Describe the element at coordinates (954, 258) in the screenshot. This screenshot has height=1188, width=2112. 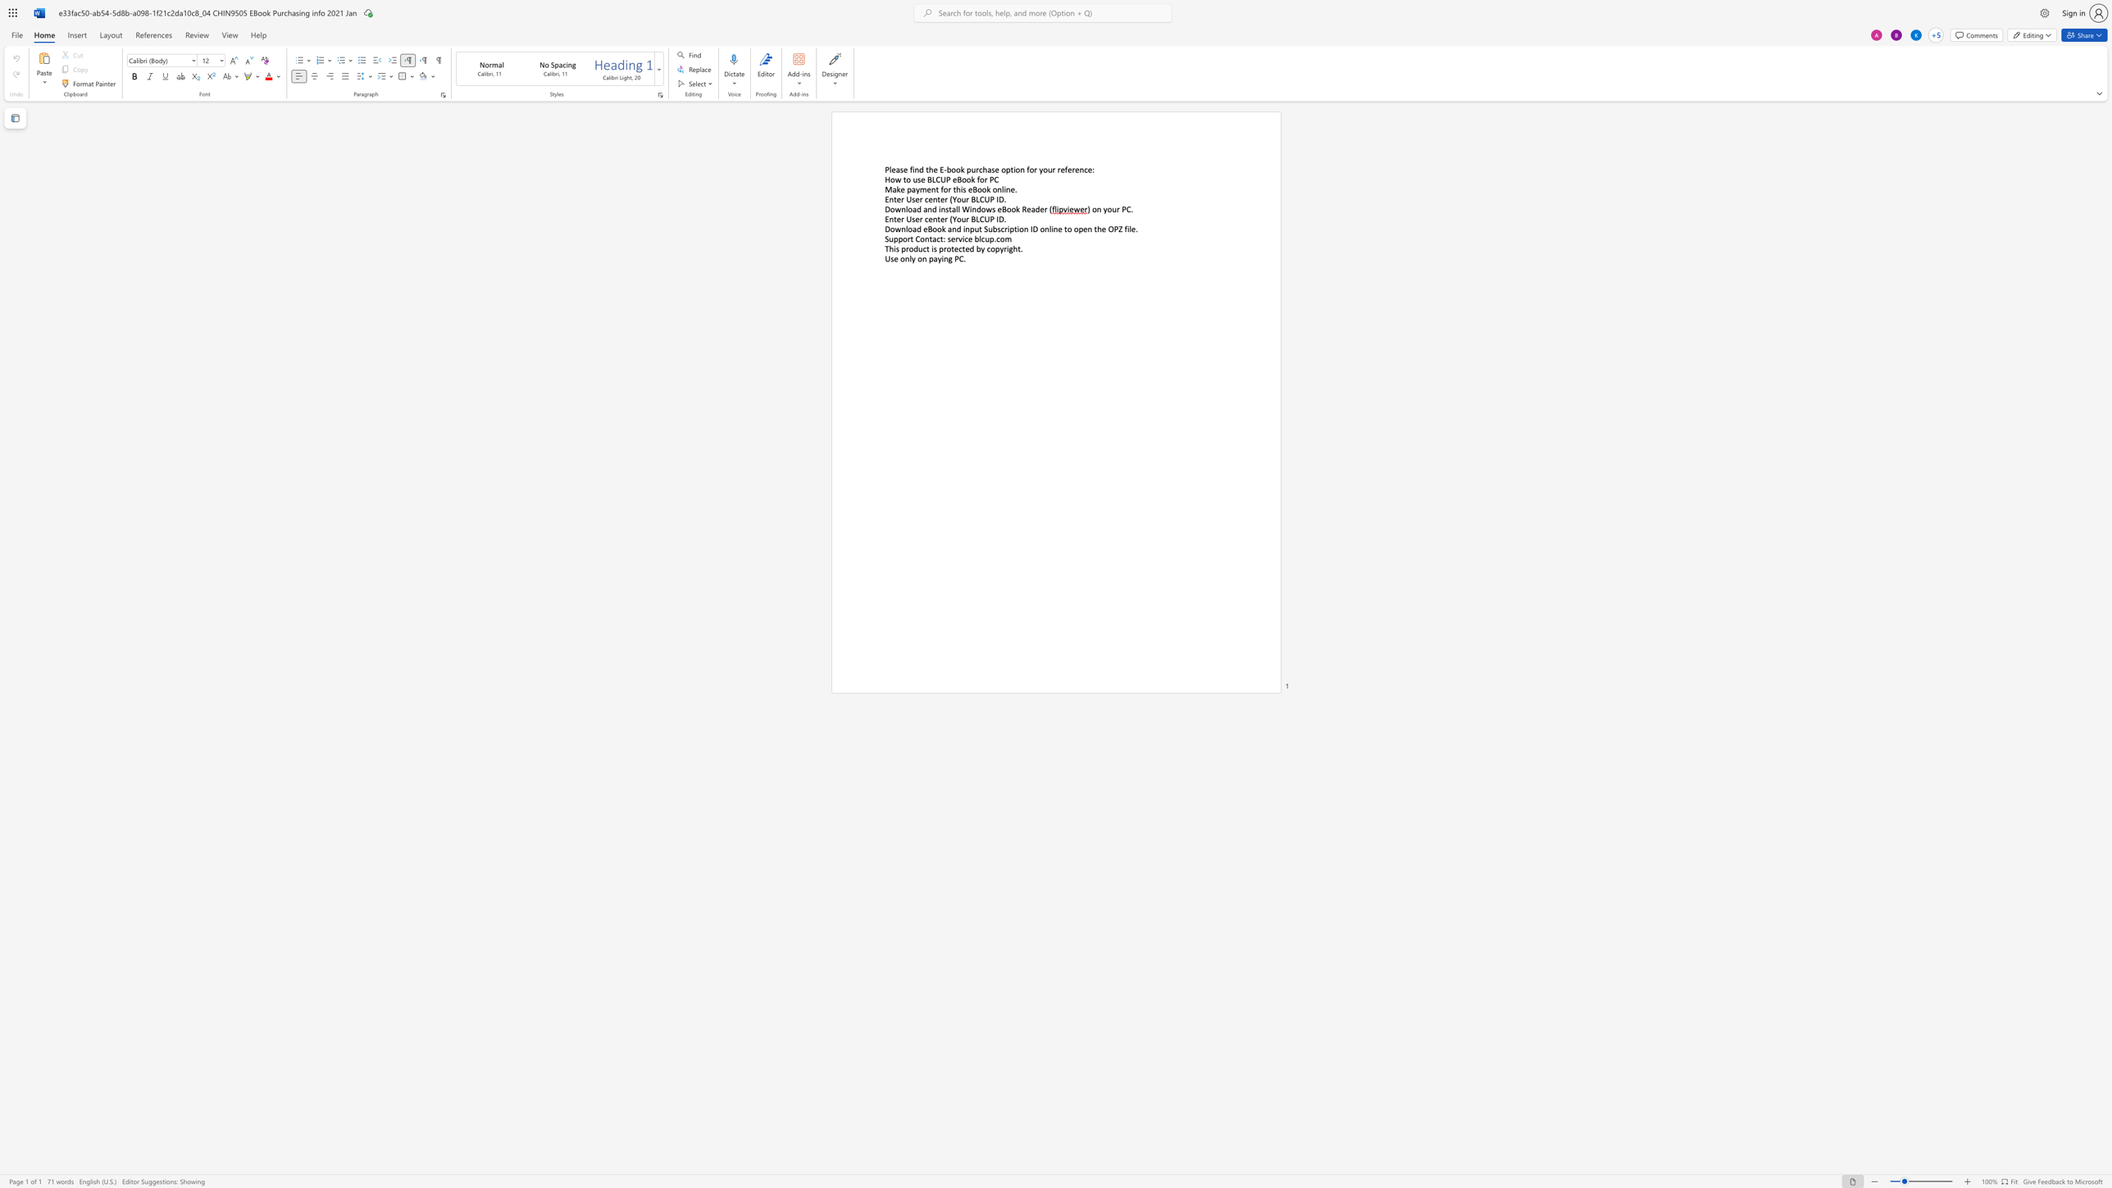
I see `the subset text "PC" within the text "Use only on paying PC."` at that location.